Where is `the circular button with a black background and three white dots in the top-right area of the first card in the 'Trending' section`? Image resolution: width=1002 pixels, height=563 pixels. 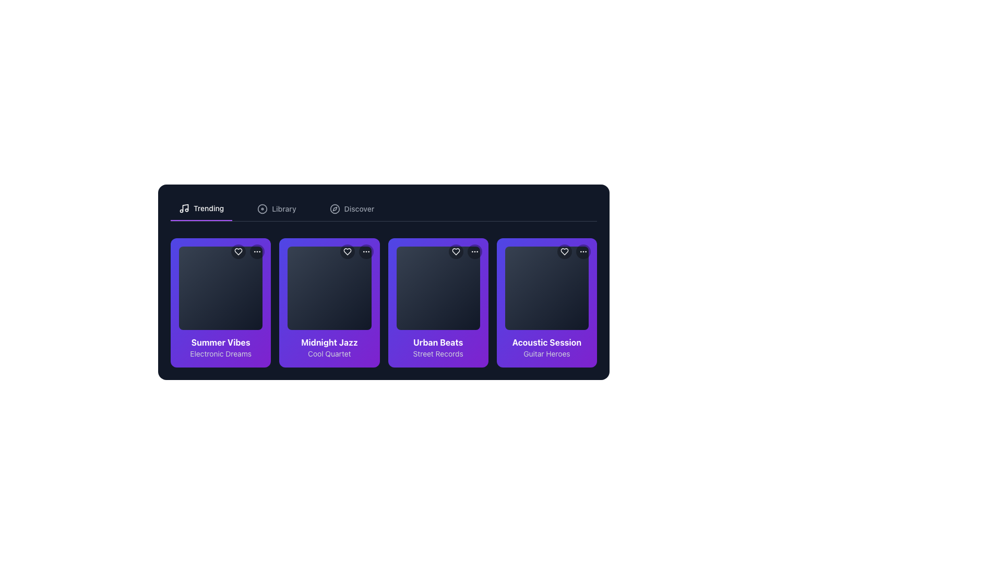 the circular button with a black background and three white dots in the top-right area of the first card in the 'Trending' section is located at coordinates (257, 251).